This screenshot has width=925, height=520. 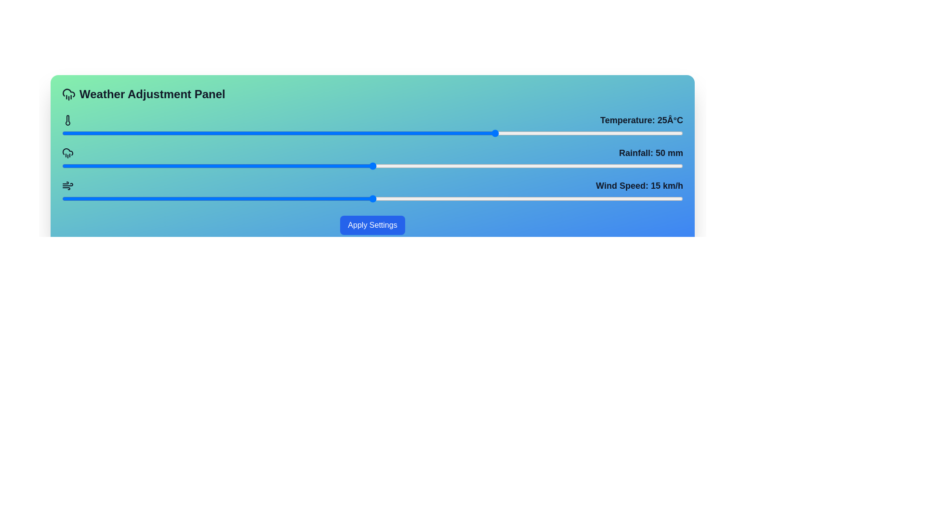 What do you see at coordinates (351, 198) in the screenshot?
I see `the wind speed` at bounding box center [351, 198].